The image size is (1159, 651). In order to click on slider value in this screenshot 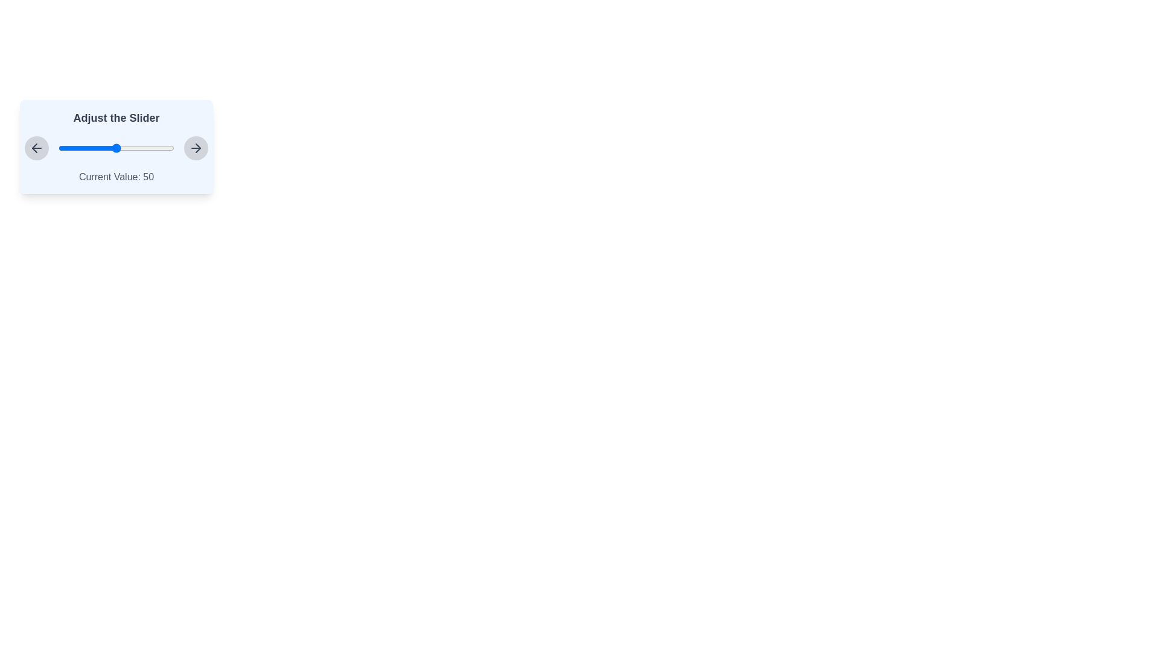, I will do `click(147, 148)`.